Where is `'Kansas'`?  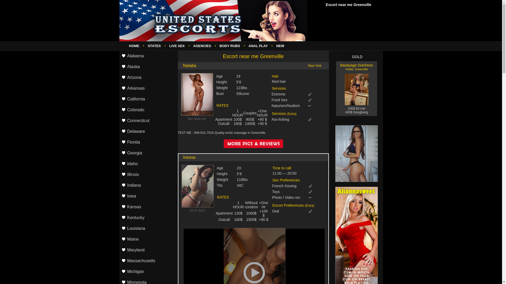
'Kansas' is located at coordinates (148, 207).